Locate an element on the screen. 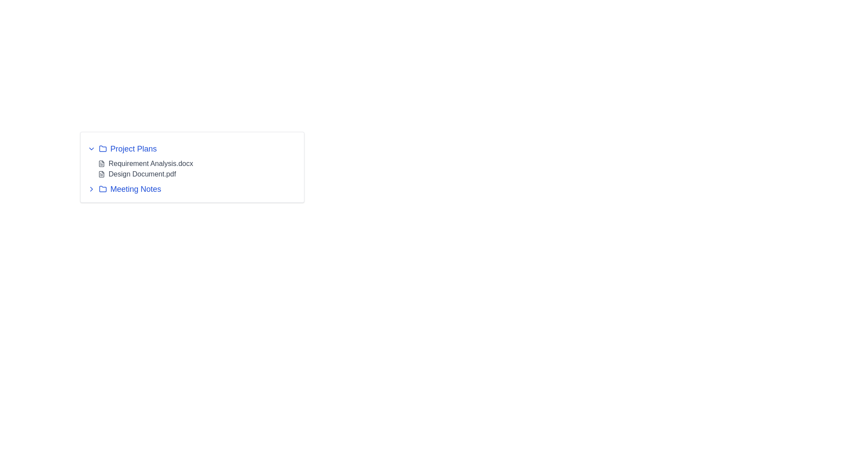 This screenshot has height=473, width=841. the item link in the dropdown menu under 'Project Plans' is located at coordinates (197, 169).